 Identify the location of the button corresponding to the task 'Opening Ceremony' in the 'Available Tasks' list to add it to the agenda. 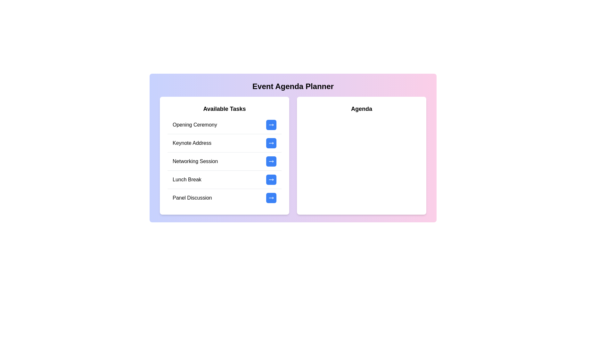
(271, 125).